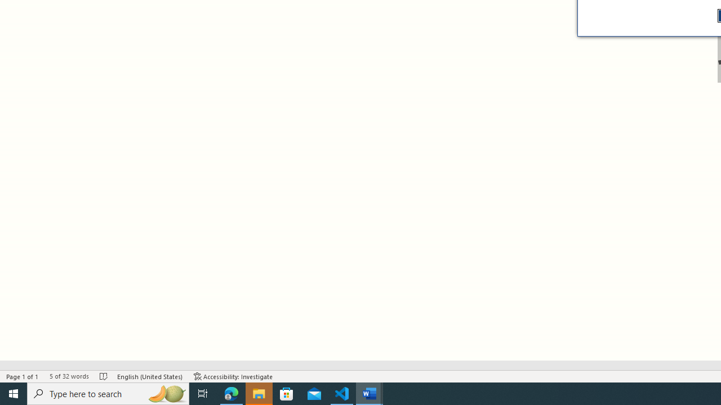  Describe the element at coordinates (287, 393) in the screenshot. I see `'Microsoft Store'` at that location.